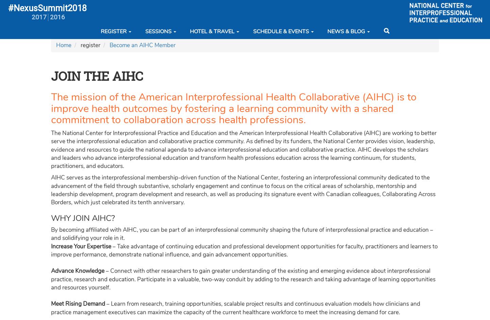 This screenshot has width=490, height=320. What do you see at coordinates (212, 31) in the screenshot?
I see `'Hotel & Travel'` at bounding box center [212, 31].